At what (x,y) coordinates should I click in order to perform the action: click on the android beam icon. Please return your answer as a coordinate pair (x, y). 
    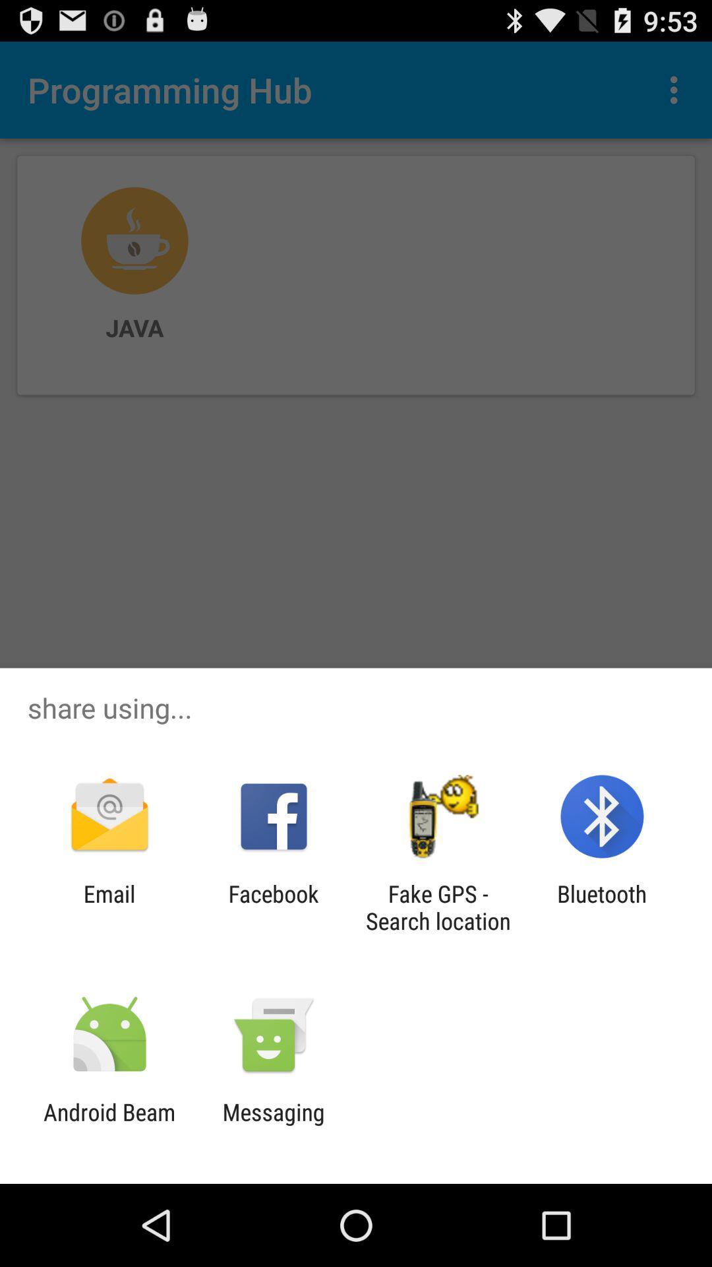
    Looking at the image, I should click on (109, 1125).